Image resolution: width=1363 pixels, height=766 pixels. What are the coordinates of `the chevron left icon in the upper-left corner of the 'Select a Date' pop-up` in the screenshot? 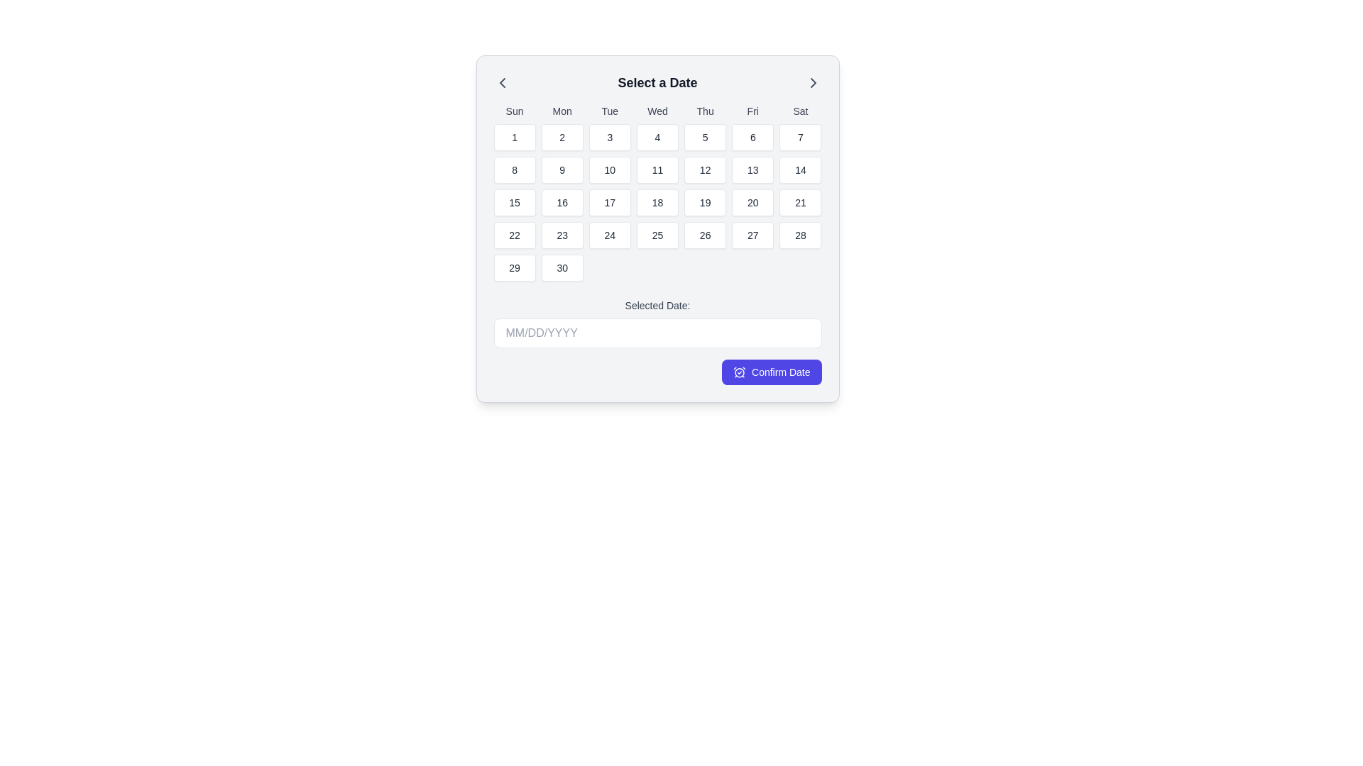 It's located at (502, 82).